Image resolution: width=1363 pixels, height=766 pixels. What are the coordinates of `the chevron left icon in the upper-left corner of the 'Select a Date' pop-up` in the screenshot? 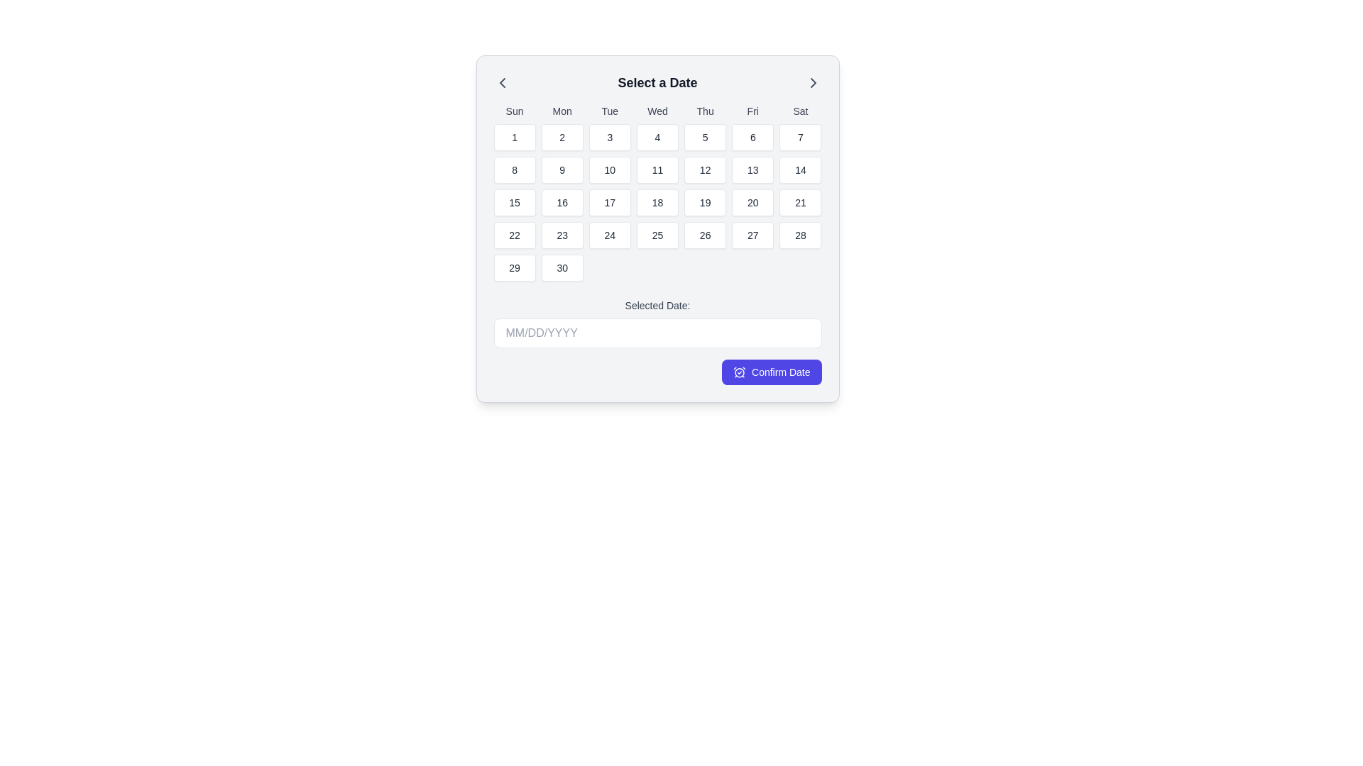 It's located at (502, 82).